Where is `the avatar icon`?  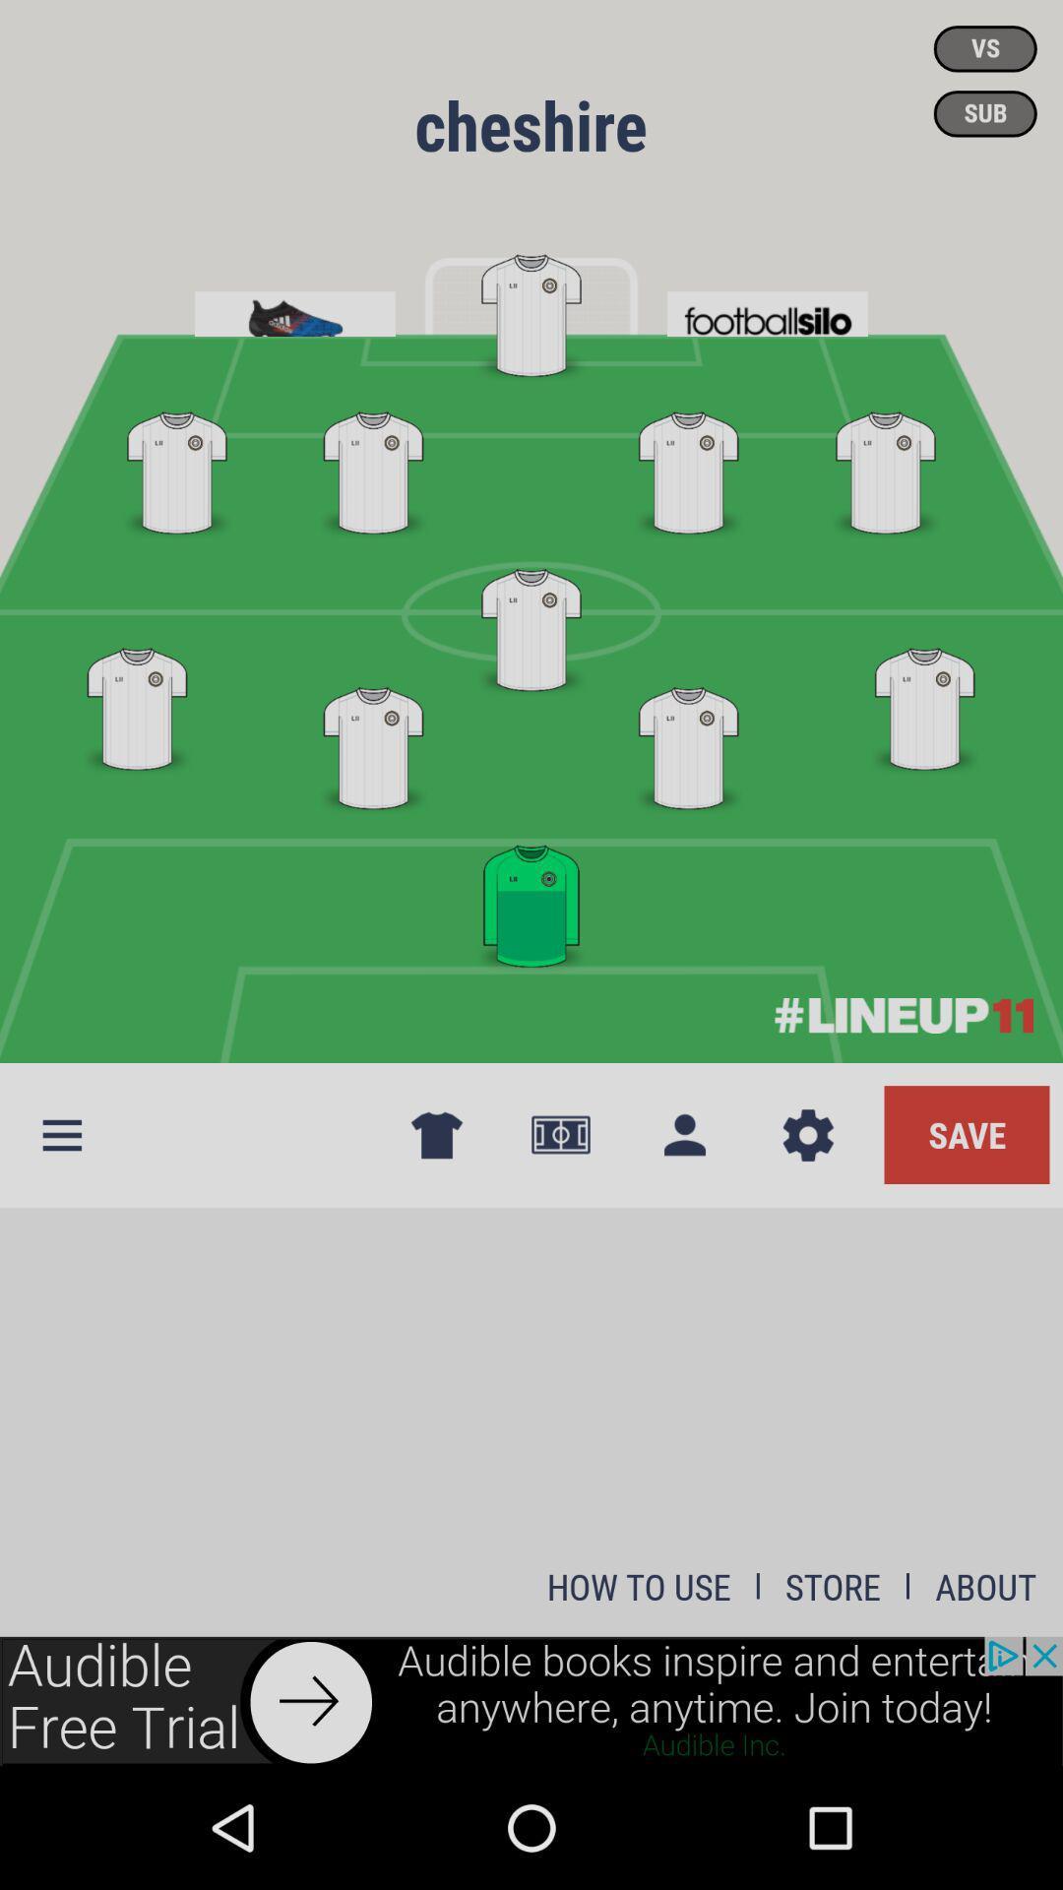 the avatar icon is located at coordinates (683, 1135).